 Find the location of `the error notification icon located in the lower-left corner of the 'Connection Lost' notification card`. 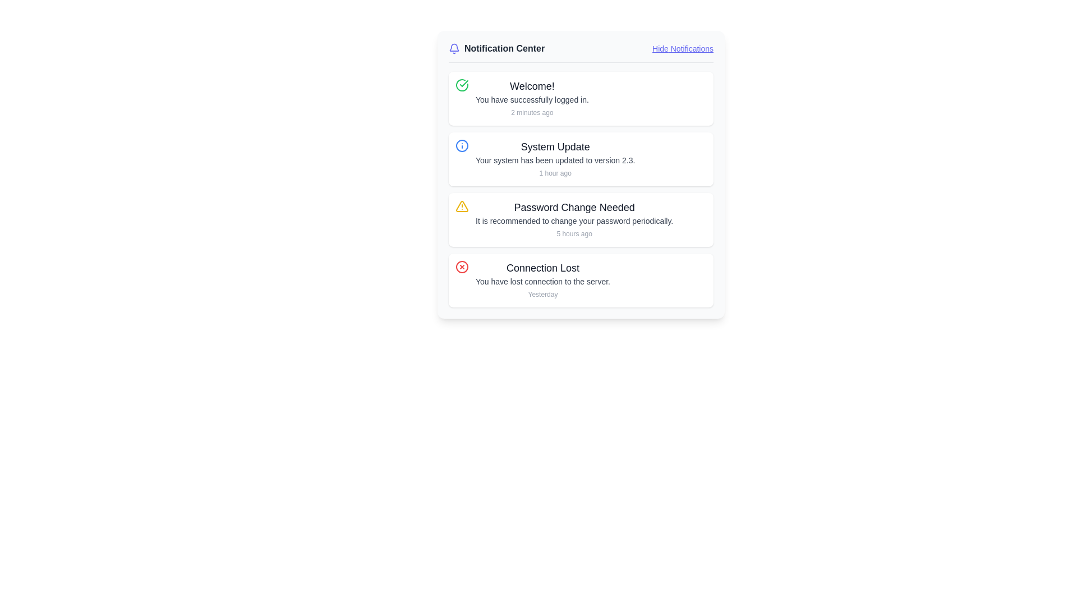

the error notification icon located in the lower-left corner of the 'Connection Lost' notification card is located at coordinates (462, 267).